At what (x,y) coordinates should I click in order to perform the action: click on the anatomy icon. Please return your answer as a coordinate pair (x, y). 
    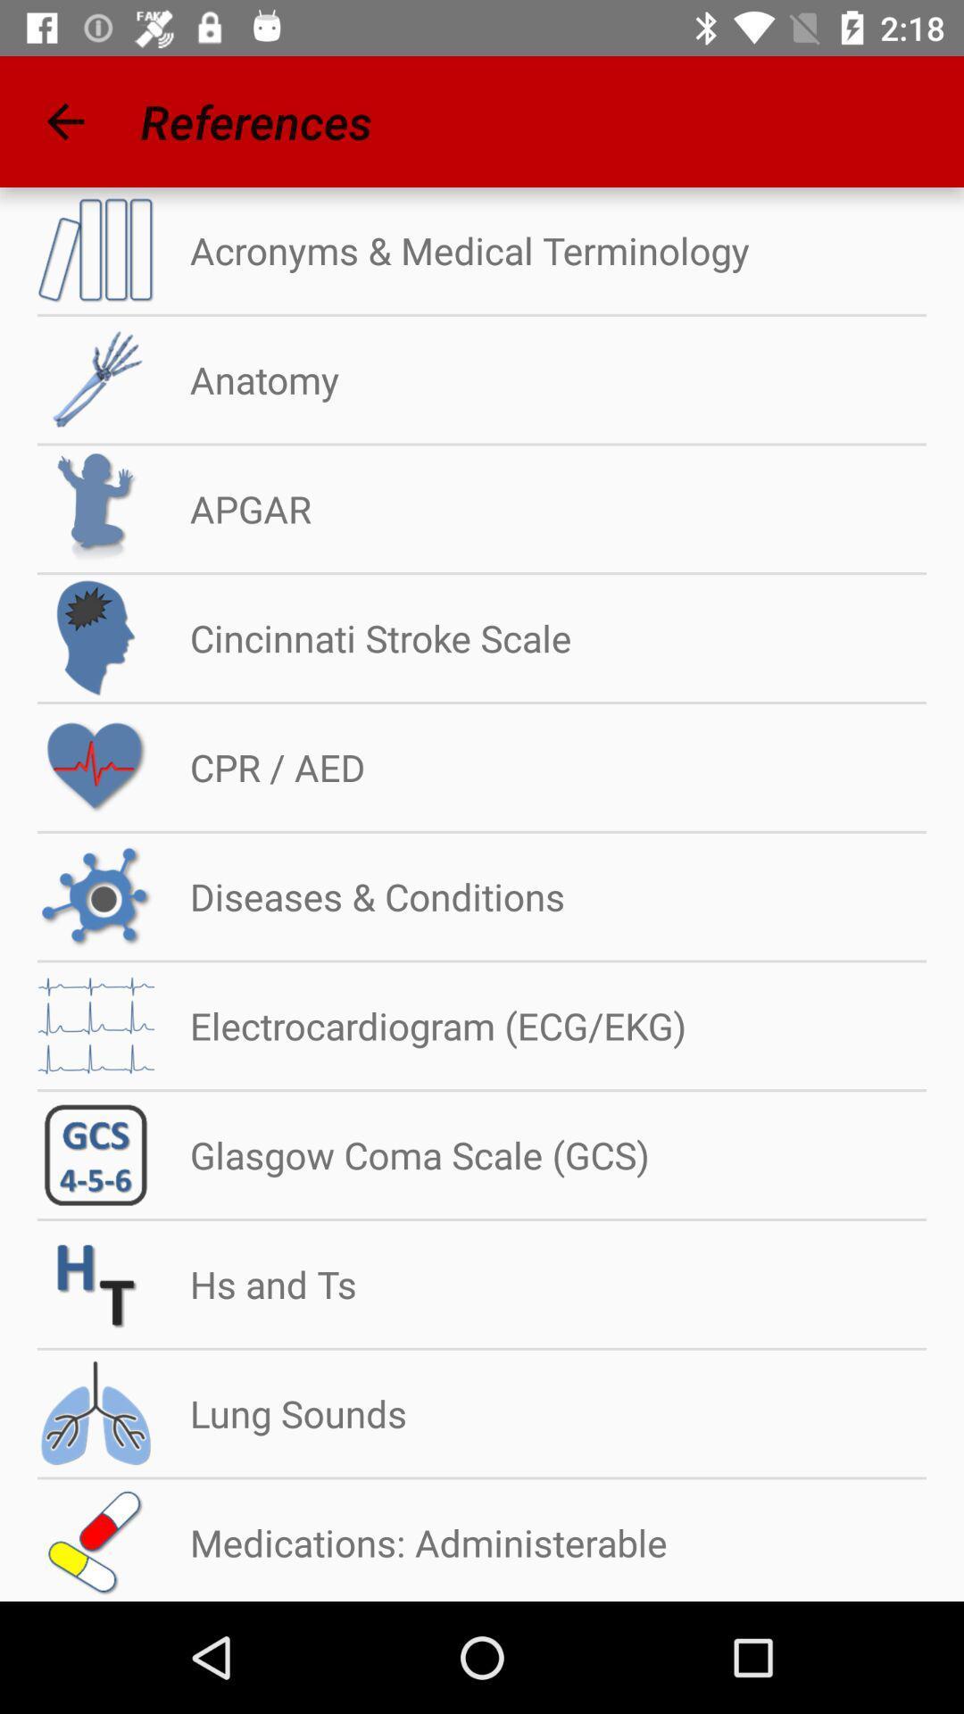
    Looking at the image, I should click on (246, 379).